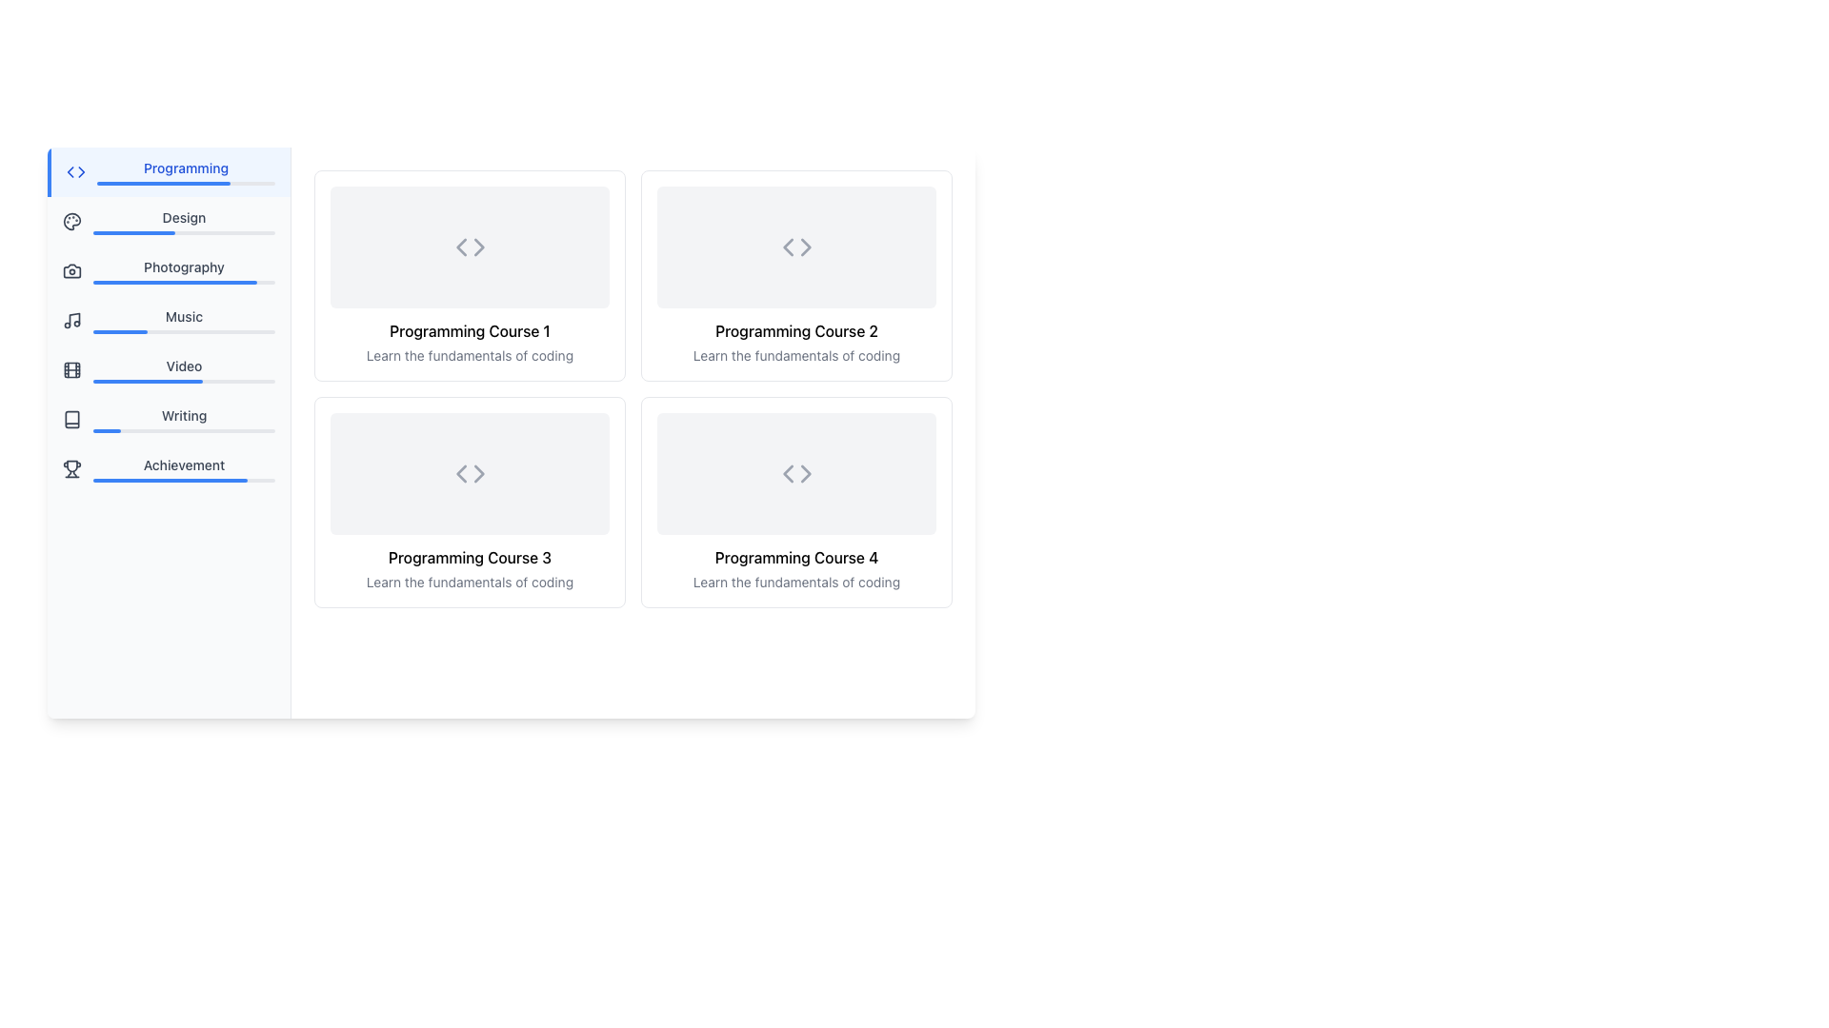 This screenshot has width=1829, height=1028. What do you see at coordinates (169, 370) in the screenshot?
I see `the 'Video' button in the vertical sidebar menu, which is the fifth item in the list and has a film reel icon next to the text` at bounding box center [169, 370].